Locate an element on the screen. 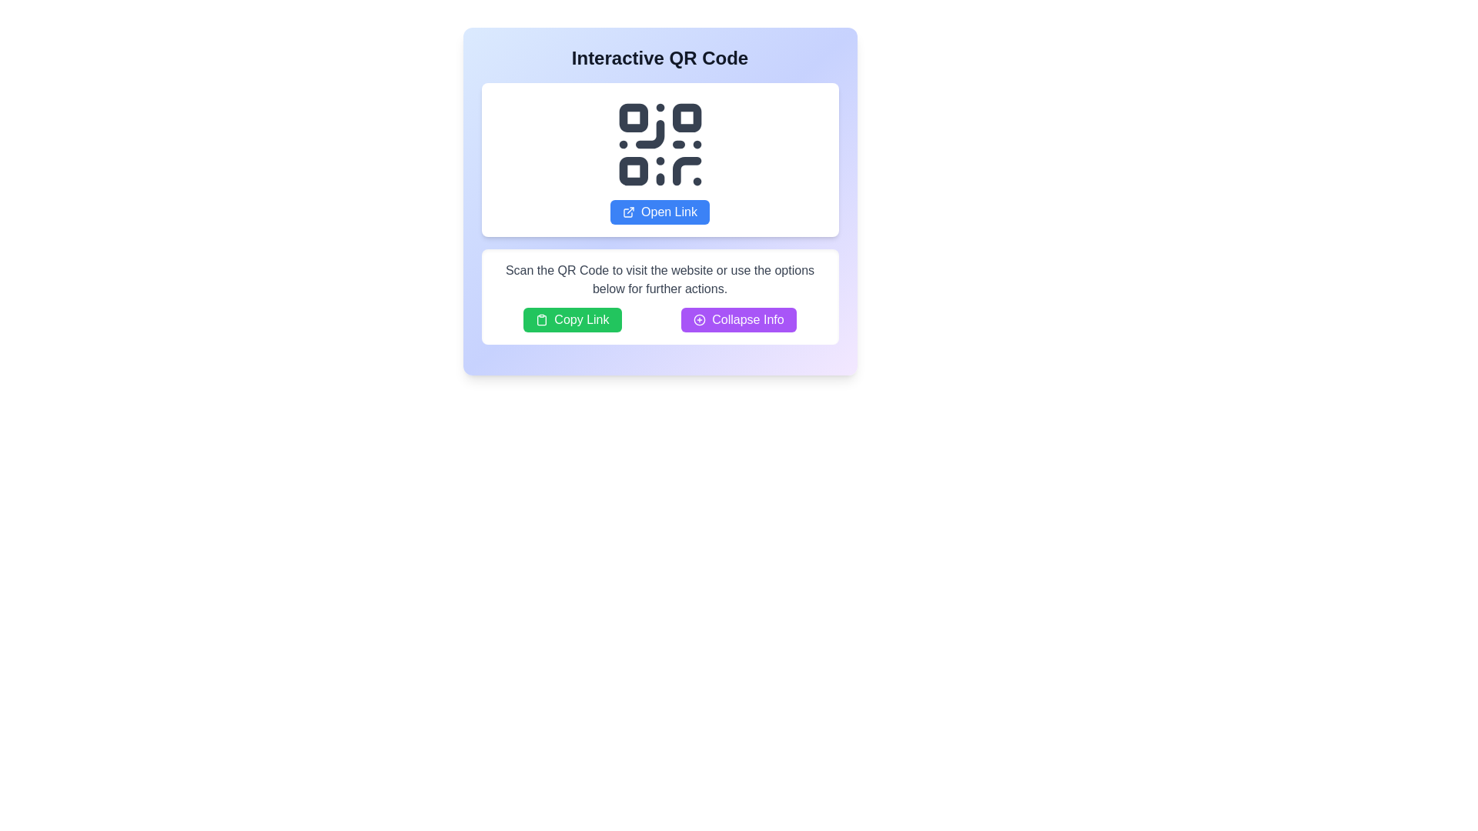  the compact '+' icon with a purple hue, located on the left side of the 'Collapse Info' button is located at coordinates (699, 319).